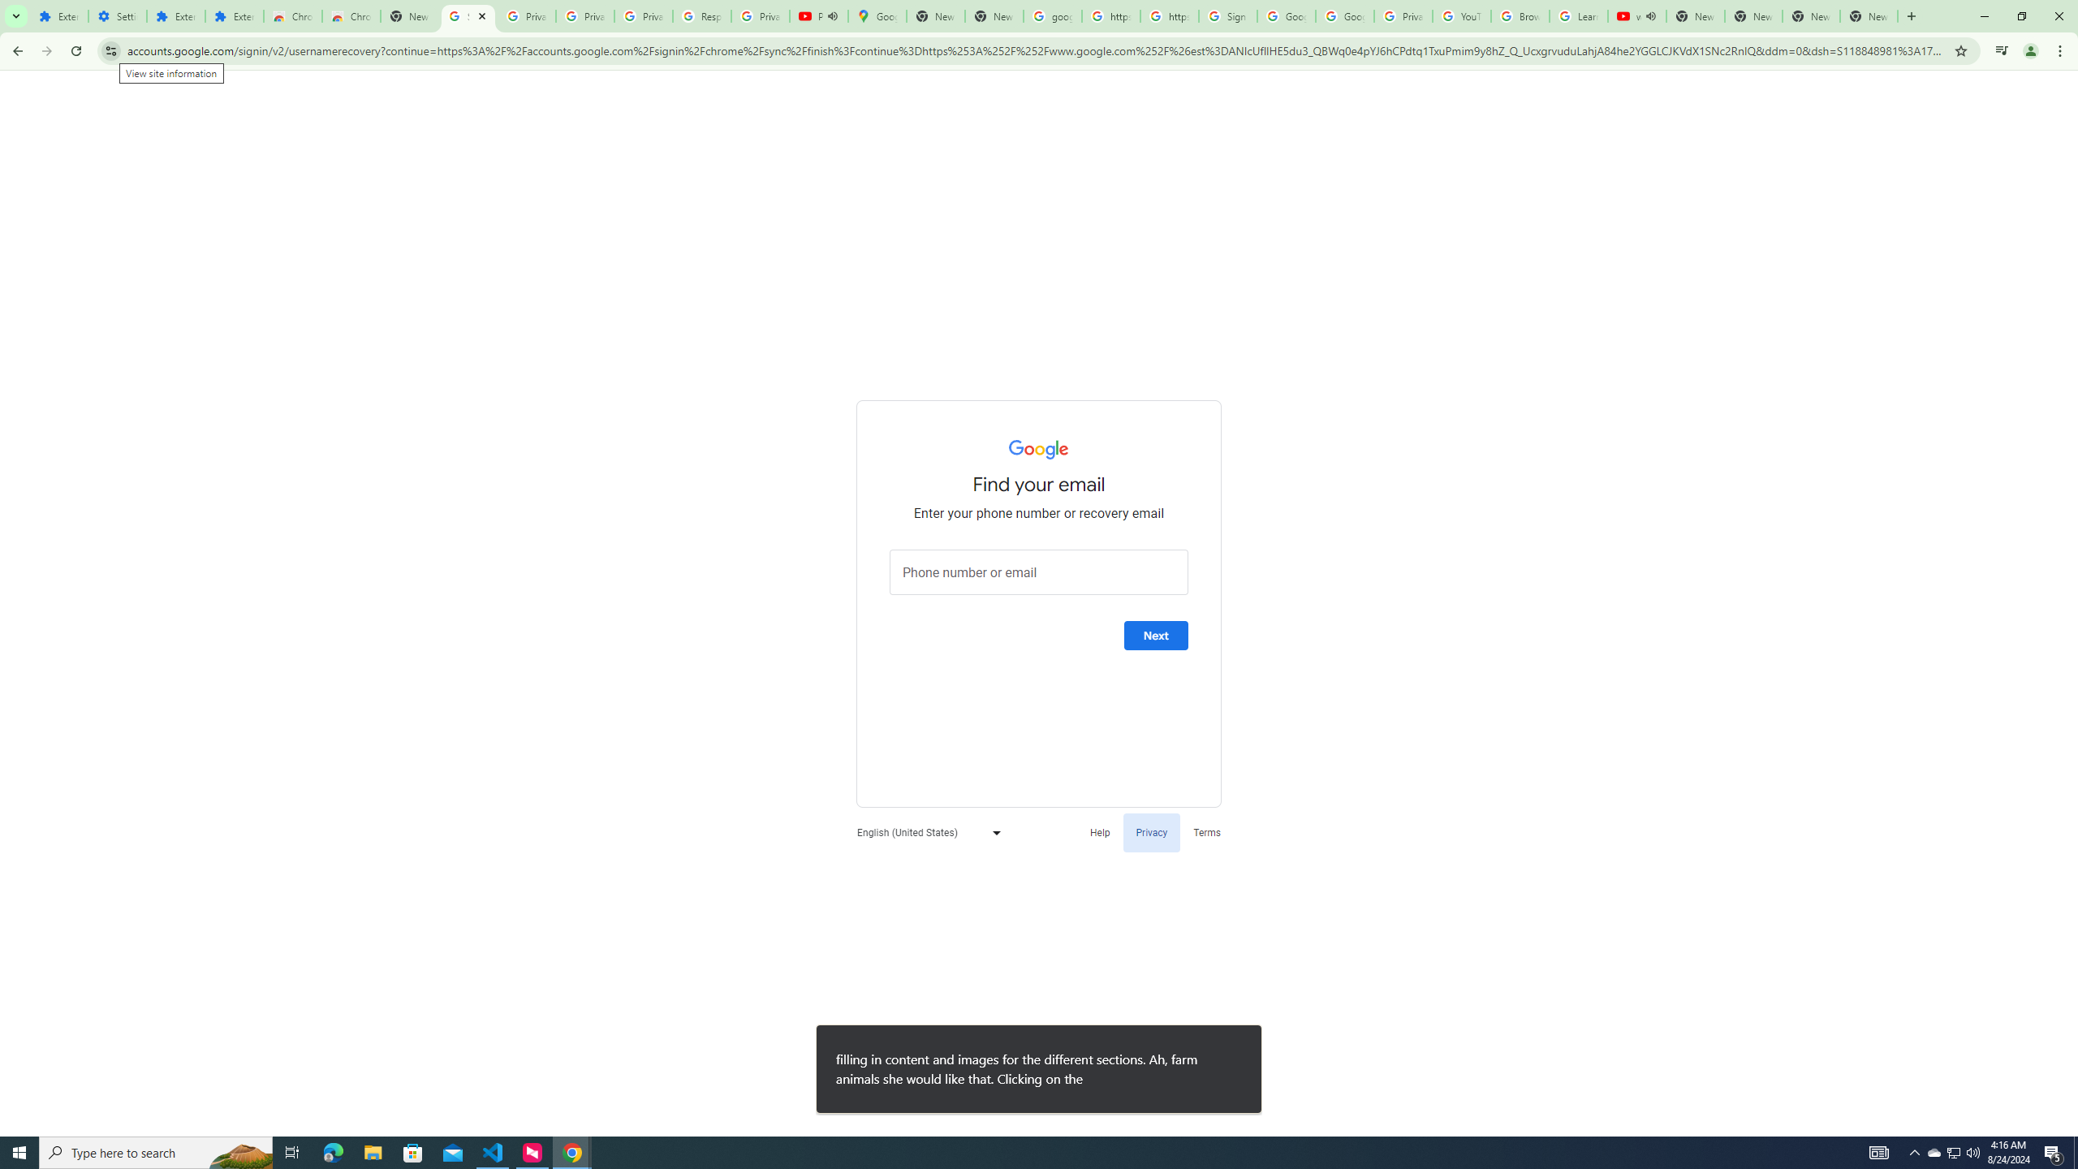 The image size is (2078, 1169). What do you see at coordinates (1460, 15) in the screenshot?
I see `'YouTube'` at bounding box center [1460, 15].